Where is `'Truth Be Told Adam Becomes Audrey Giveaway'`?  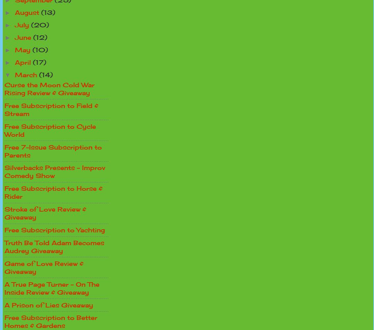 'Truth Be Told Adam Becomes Audrey Giveaway' is located at coordinates (54, 246).